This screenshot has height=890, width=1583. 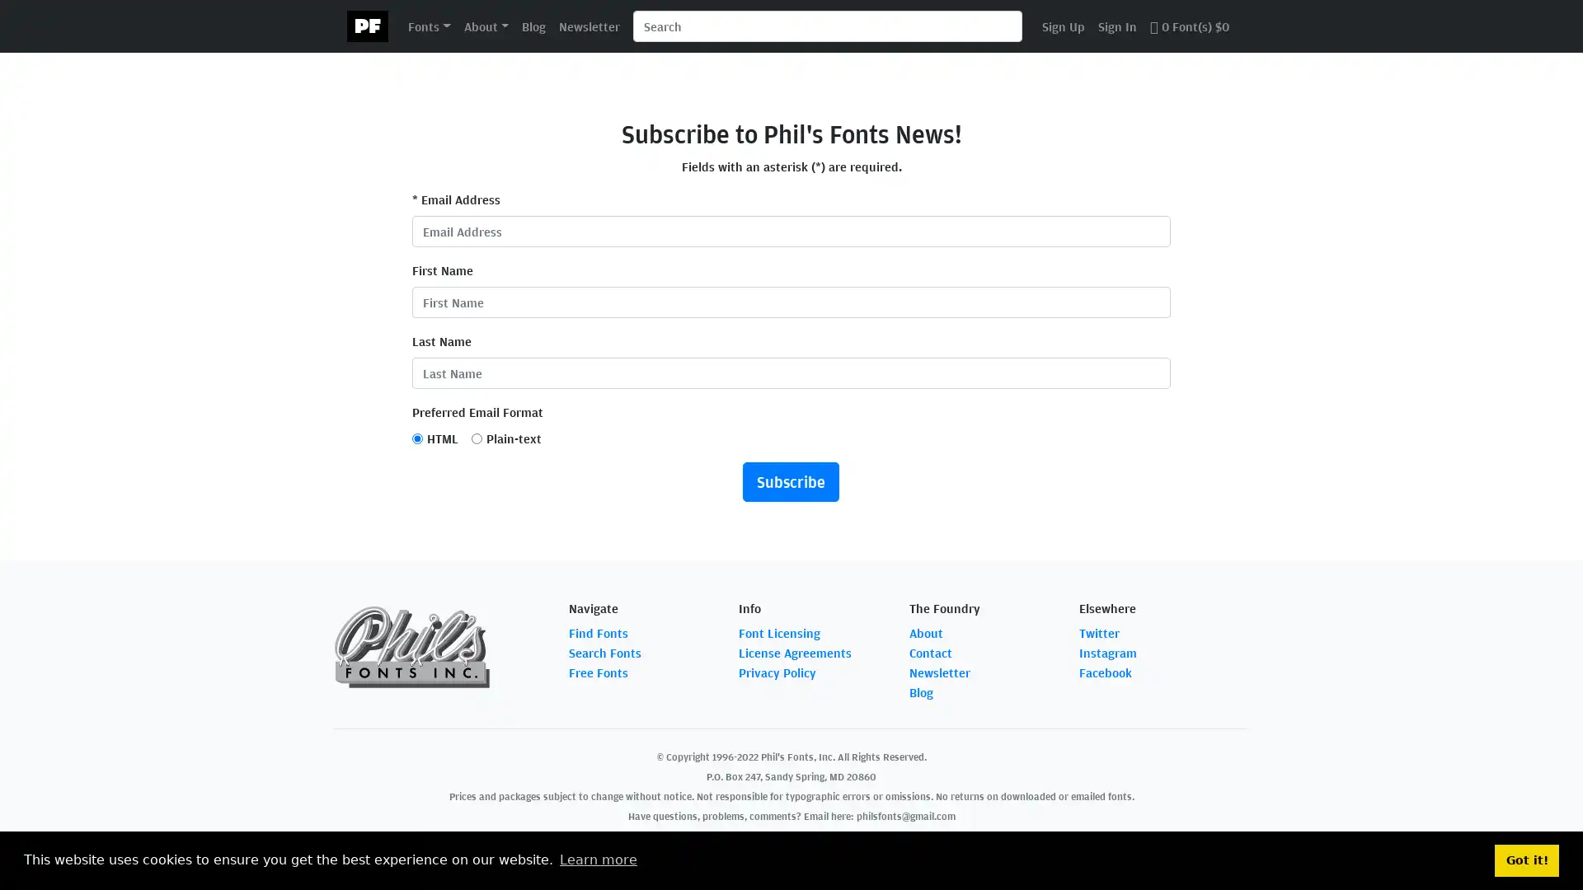 What do you see at coordinates (1526, 860) in the screenshot?
I see `dismiss cookie message` at bounding box center [1526, 860].